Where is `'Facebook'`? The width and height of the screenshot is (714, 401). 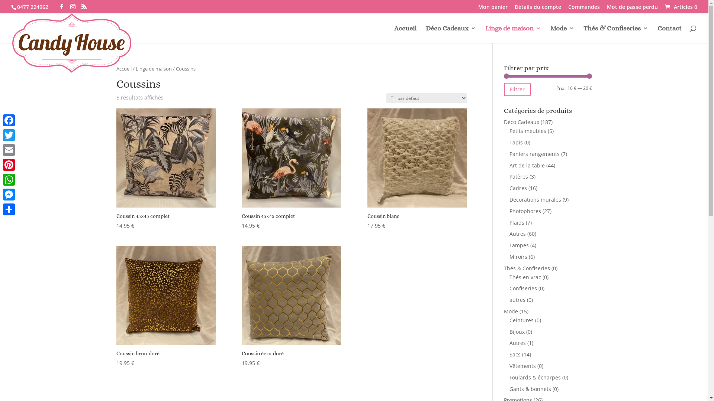 'Facebook' is located at coordinates (9, 120).